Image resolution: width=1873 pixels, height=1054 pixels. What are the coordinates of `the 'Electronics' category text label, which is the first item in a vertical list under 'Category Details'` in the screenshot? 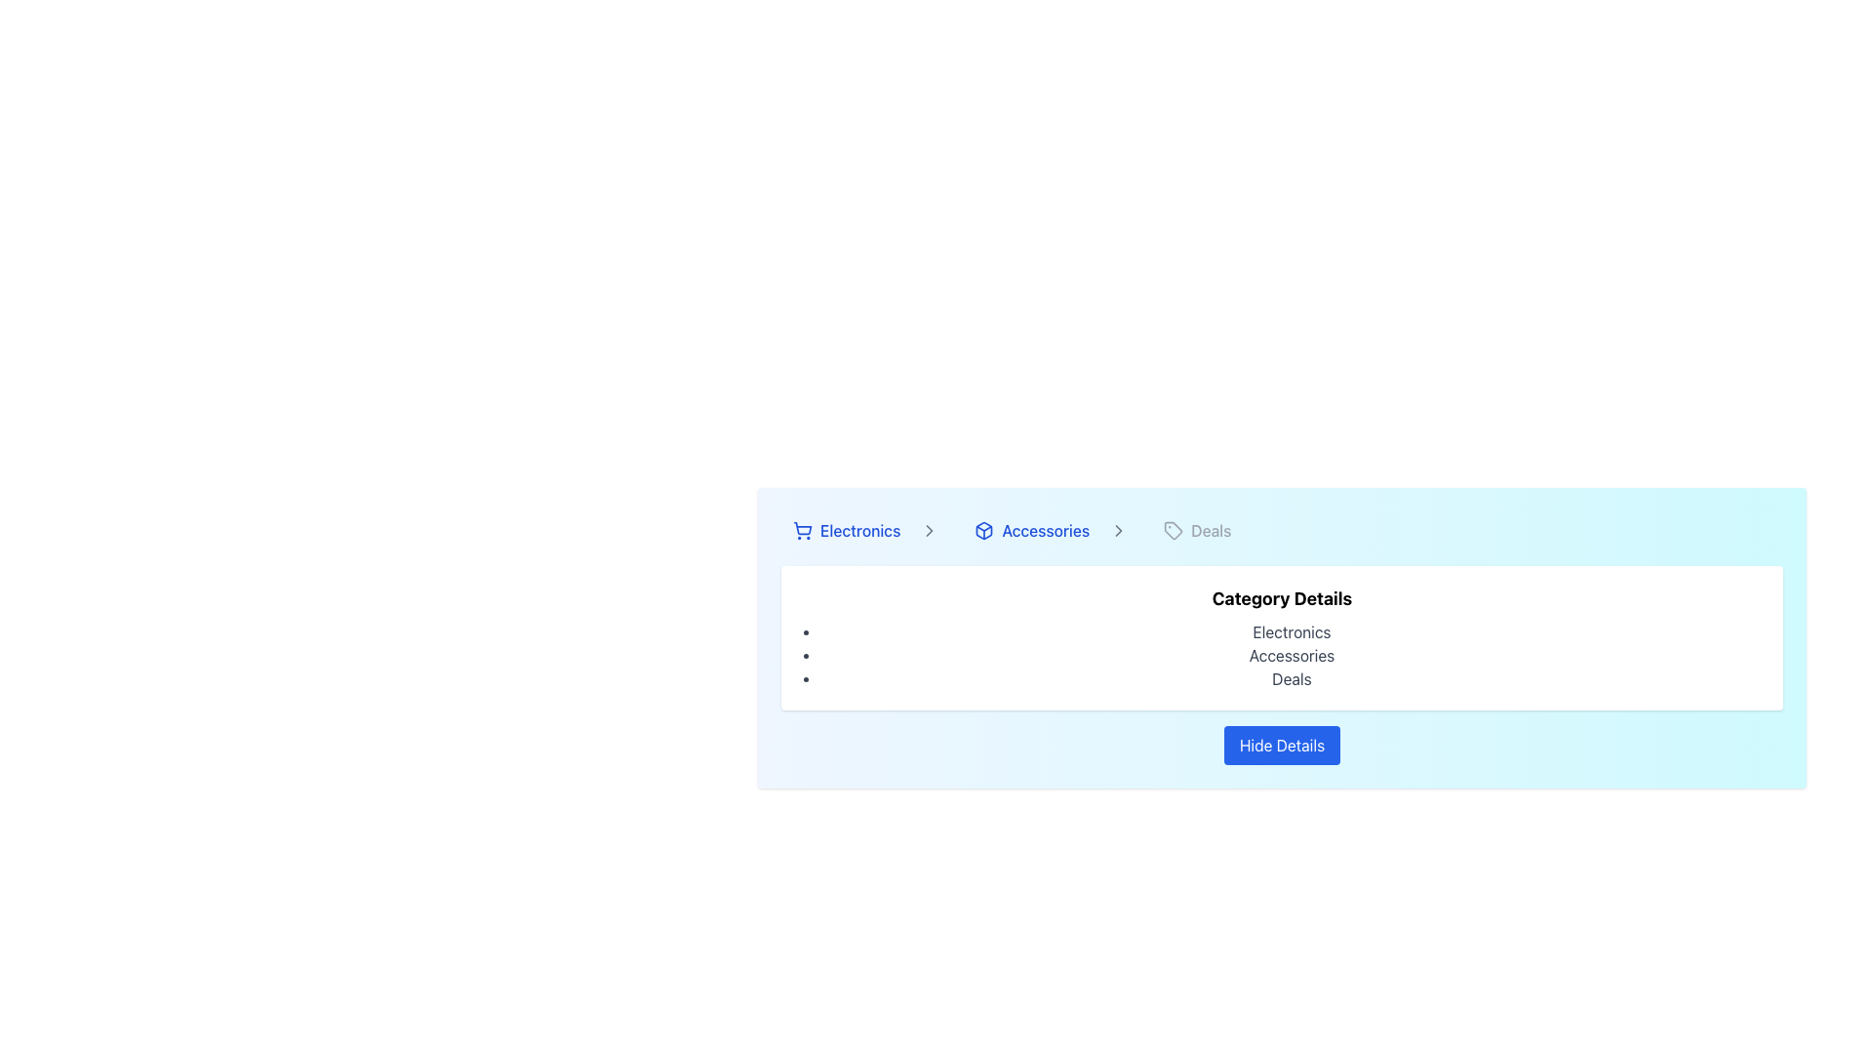 It's located at (1292, 632).